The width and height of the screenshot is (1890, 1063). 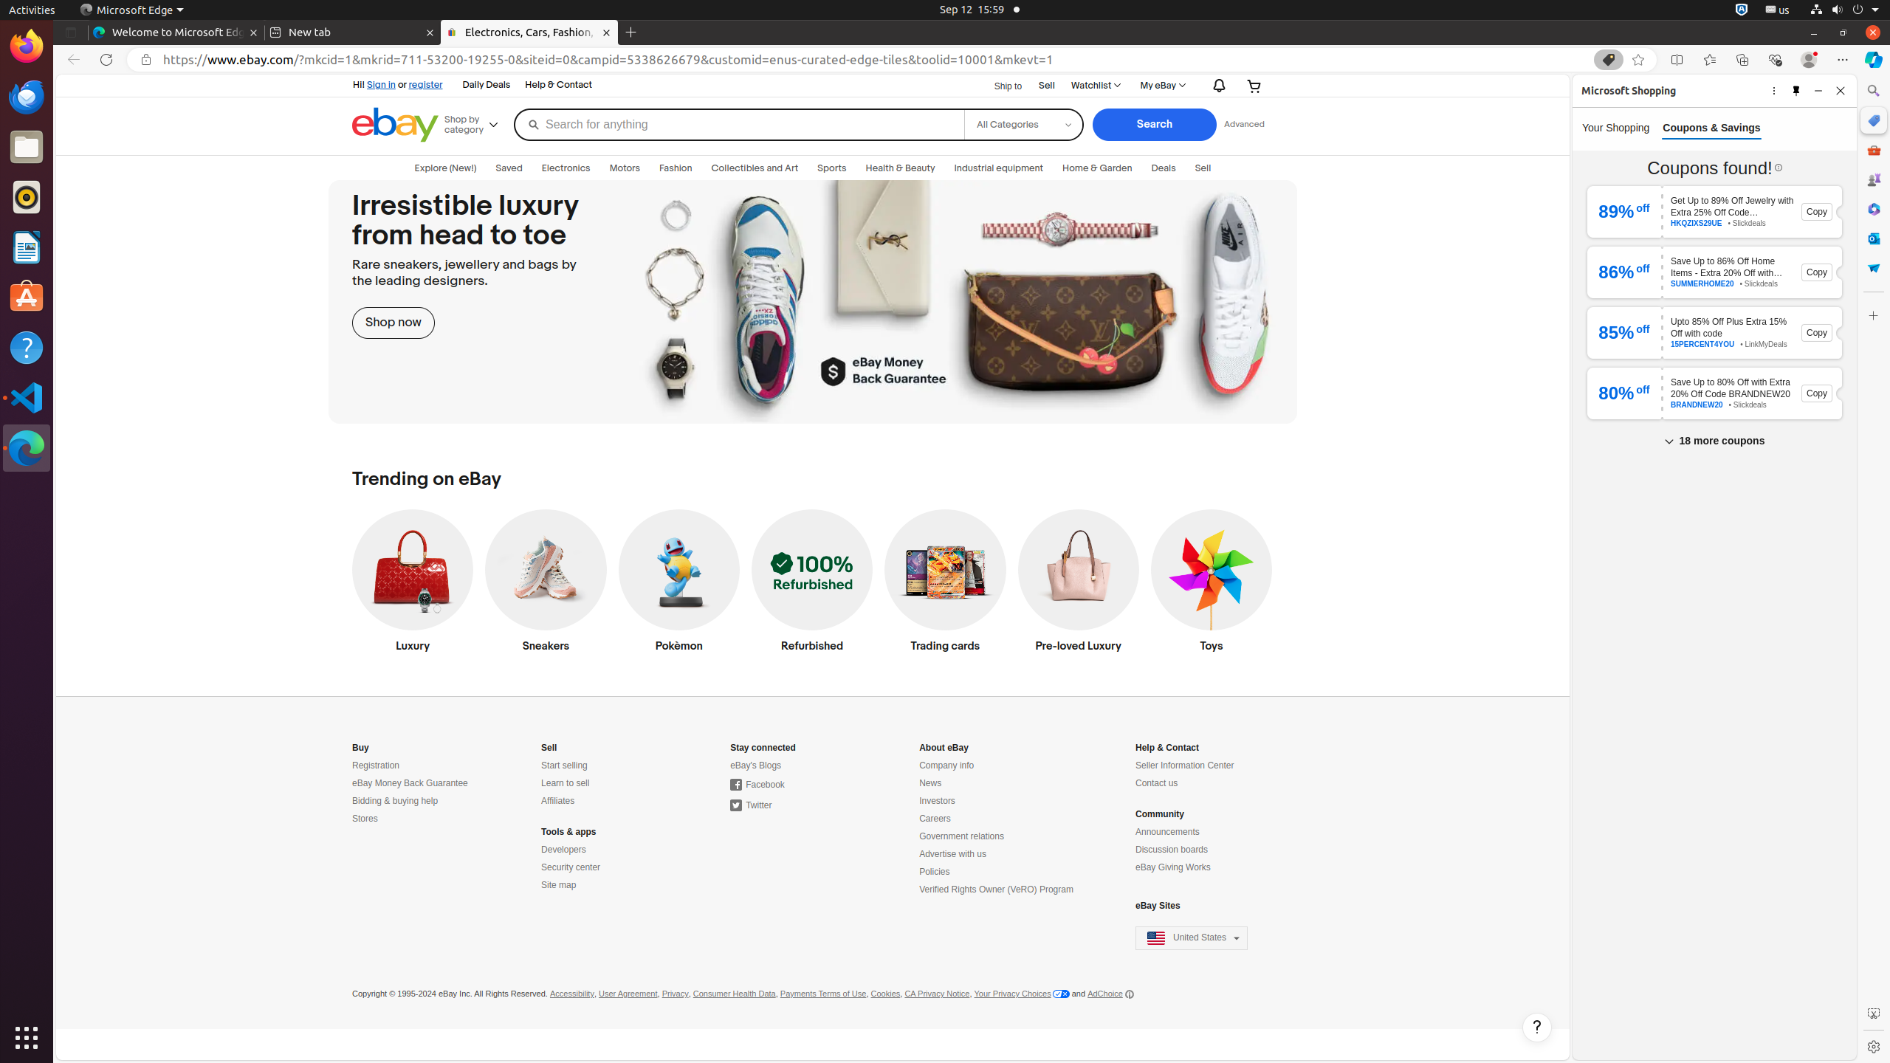 What do you see at coordinates (1872, 1046) in the screenshot?
I see `'Settings'` at bounding box center [1872, 1046].